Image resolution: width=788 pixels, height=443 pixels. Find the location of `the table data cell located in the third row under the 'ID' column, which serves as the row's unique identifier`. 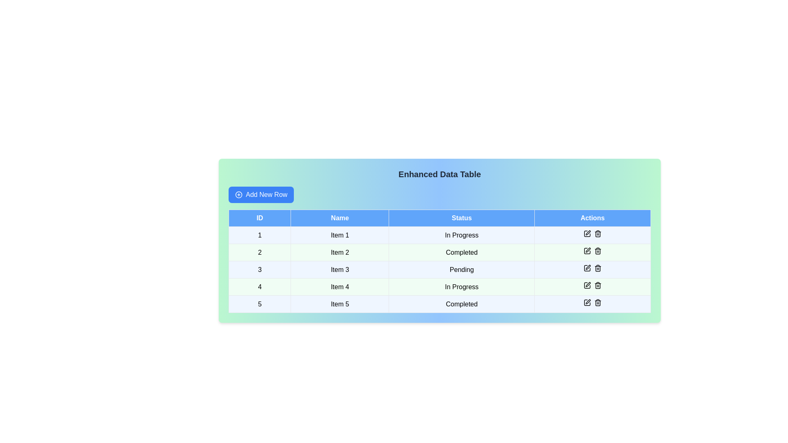

the table data cell located in the third row under the 'ID' column, which serves as the row's unique identifier is located at coordinates (259, 269).